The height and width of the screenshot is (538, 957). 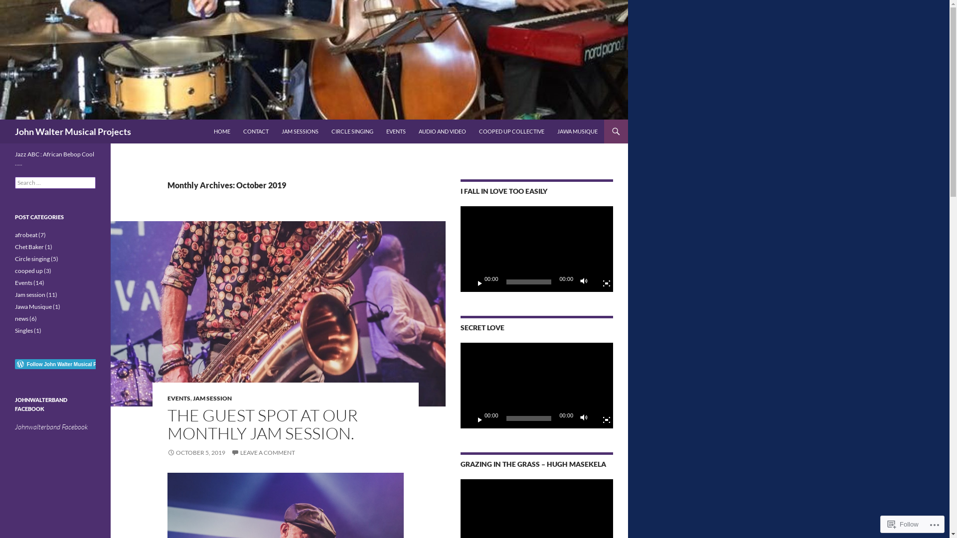 I want to click on 'Search', so click(x=19, y=5).